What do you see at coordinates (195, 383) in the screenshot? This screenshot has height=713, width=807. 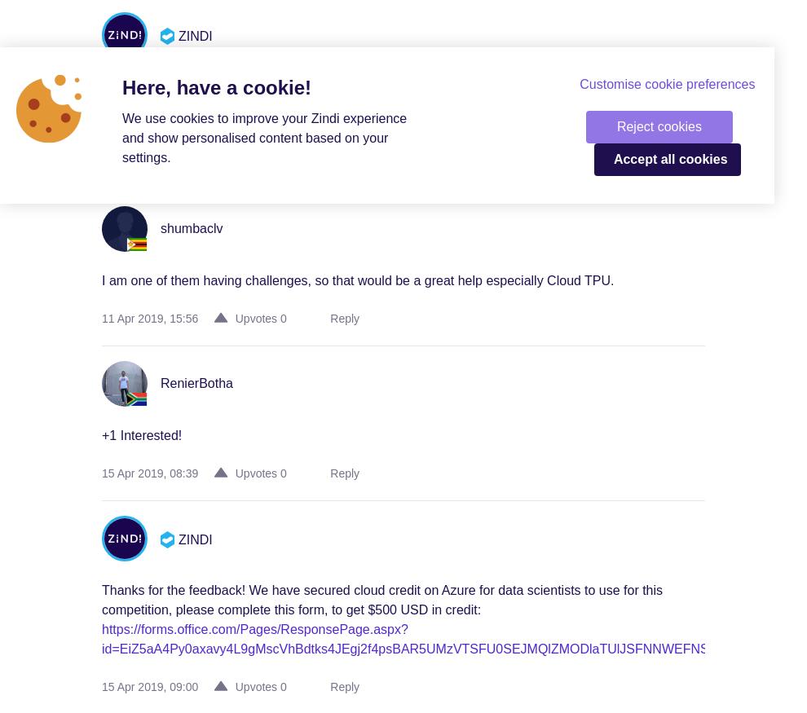 I see `'RenierBotha'` at bounding box center [195, 383].